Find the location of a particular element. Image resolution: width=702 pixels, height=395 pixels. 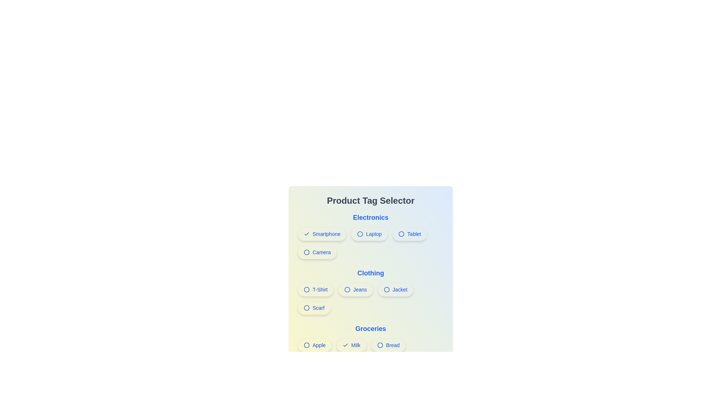

the SVG graphical element representing the 'Camera' option within the 'Electronics' category in the product tag selector interface is located at coordinates (307, 252).